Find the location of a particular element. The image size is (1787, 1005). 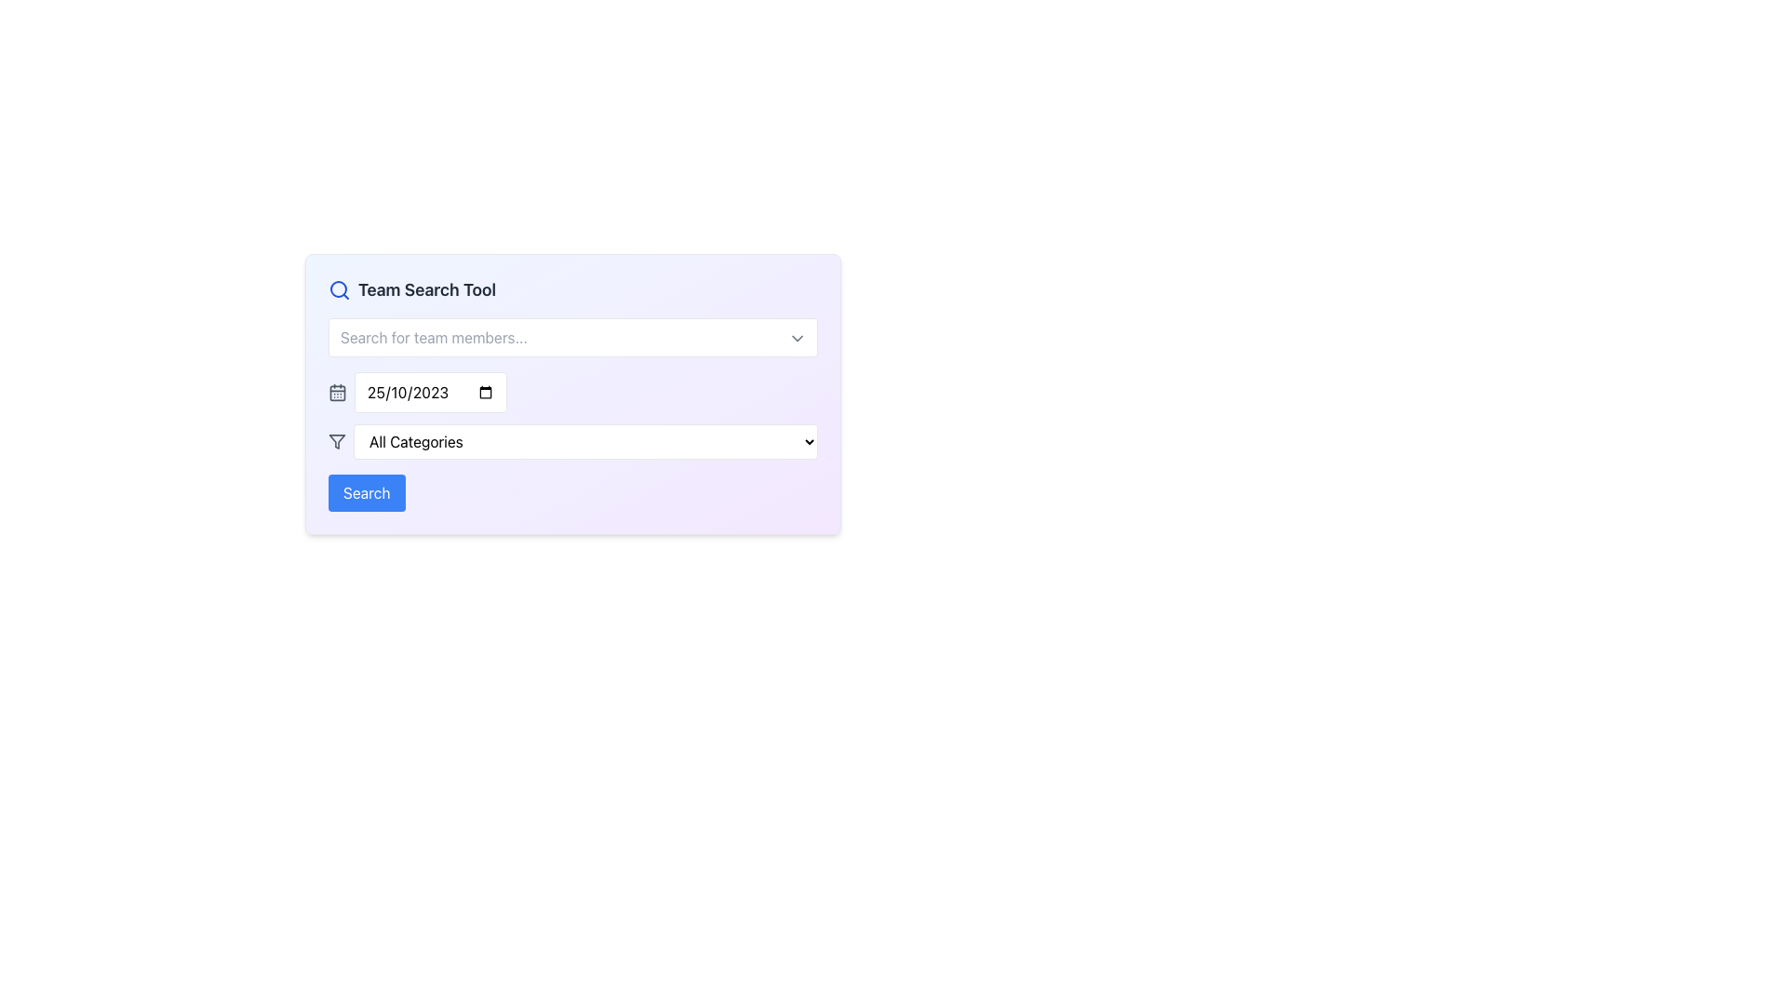

the second dropdown menu located below the calendar date picker is located at coordinates (571, 441).